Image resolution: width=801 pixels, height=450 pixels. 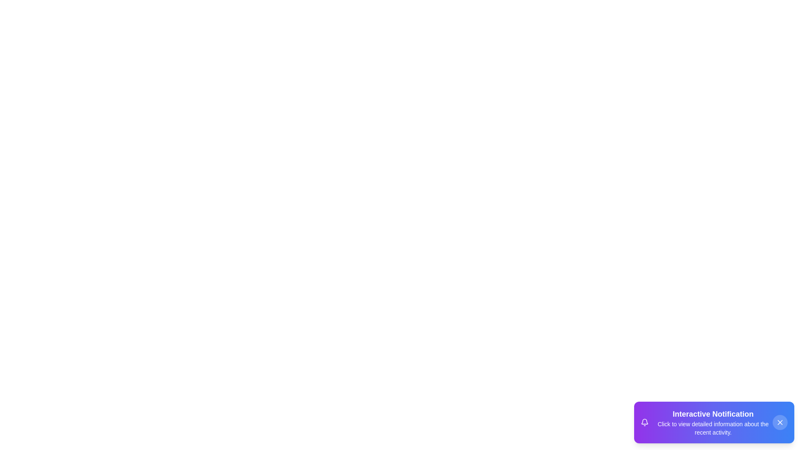 What do you see at coordinates (713, 414) in the screenshot?
I see `the text to highlight a word` at bounding box center [713, 414].